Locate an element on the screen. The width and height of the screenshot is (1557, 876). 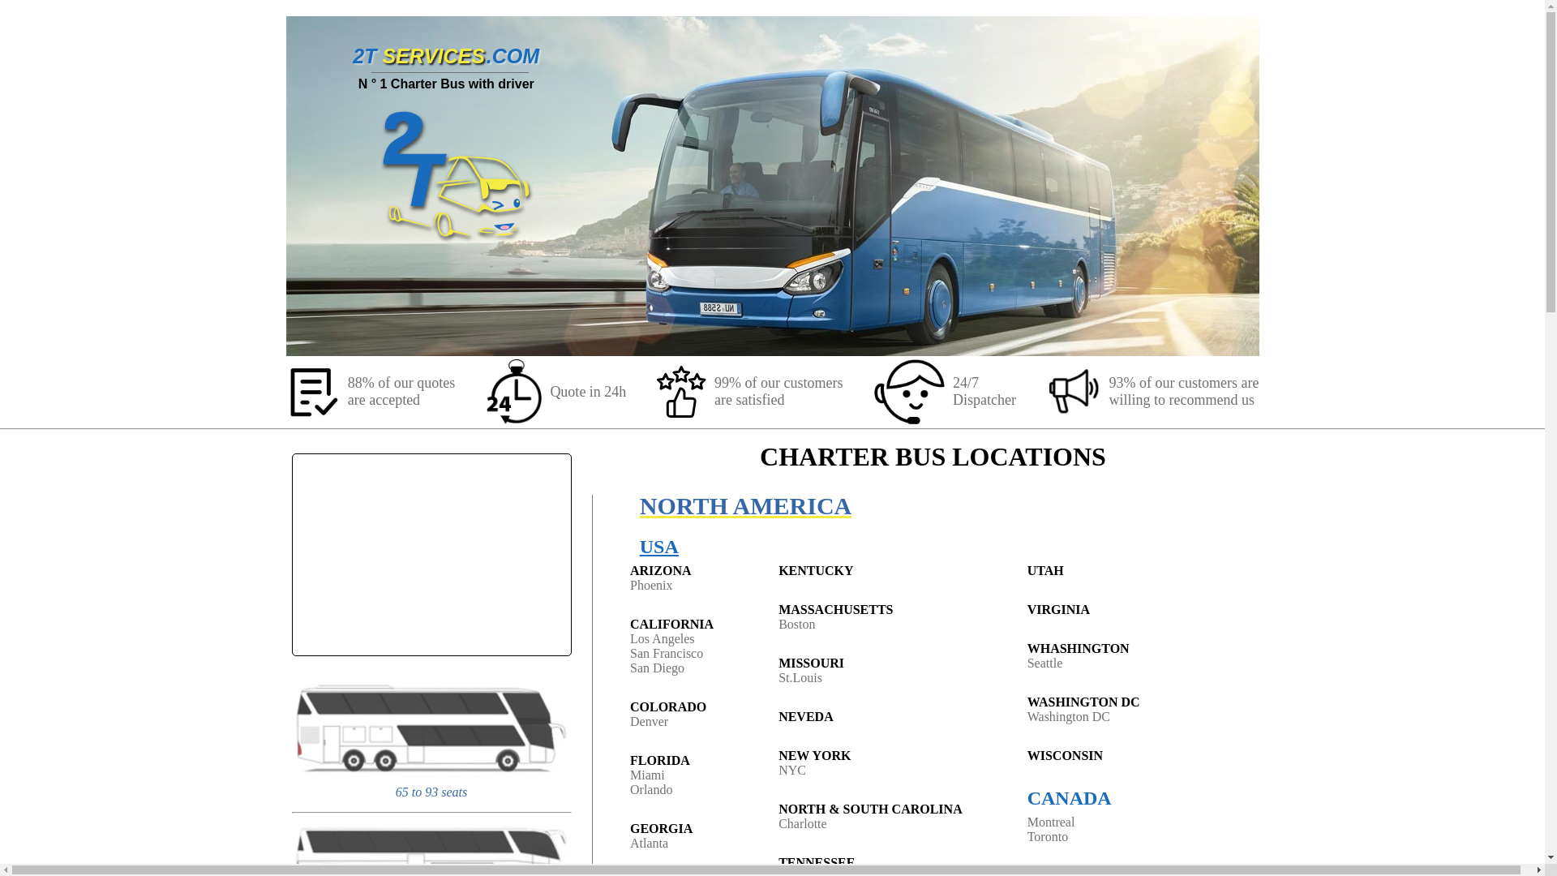
'Orlando' is located at coordinates (650, 788).